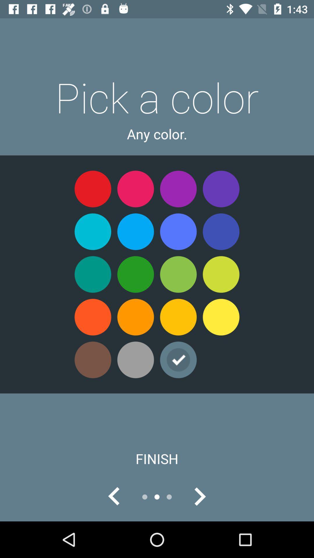 This screenshot has width=314, height=558. What do you see at coordinates (199, 496) in the screenshot?
I see `go right` at bounding box center [199, 496].